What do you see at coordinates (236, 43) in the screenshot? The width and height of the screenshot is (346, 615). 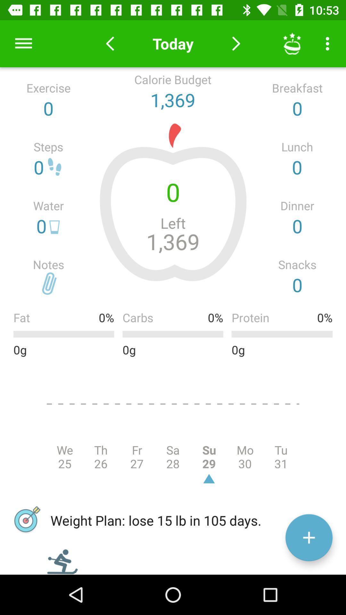 I see `go forward` at bounding box center [236, 43].